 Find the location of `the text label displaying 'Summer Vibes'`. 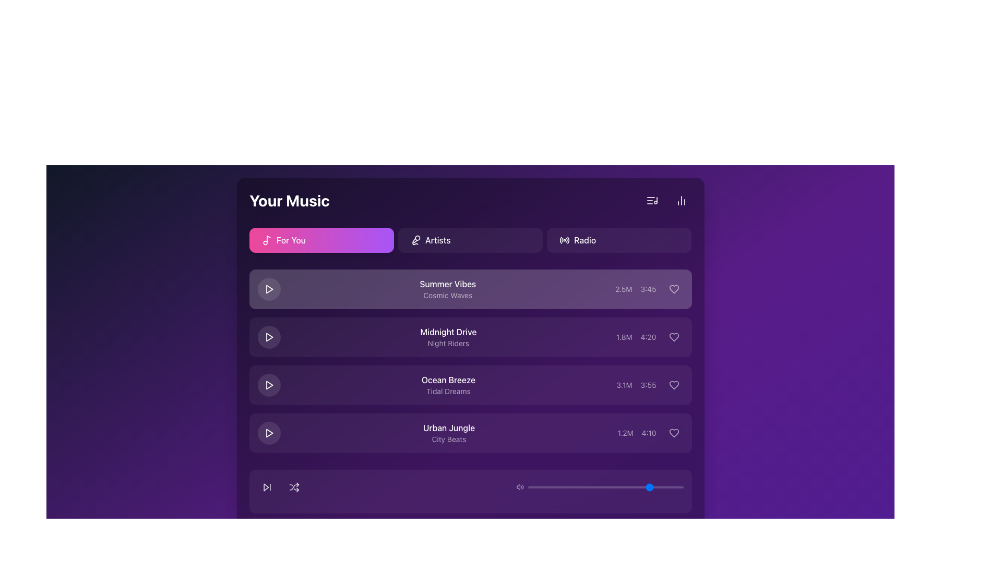

the text label displaying 'Summer Vibes' is located at coordinates (448, 284).